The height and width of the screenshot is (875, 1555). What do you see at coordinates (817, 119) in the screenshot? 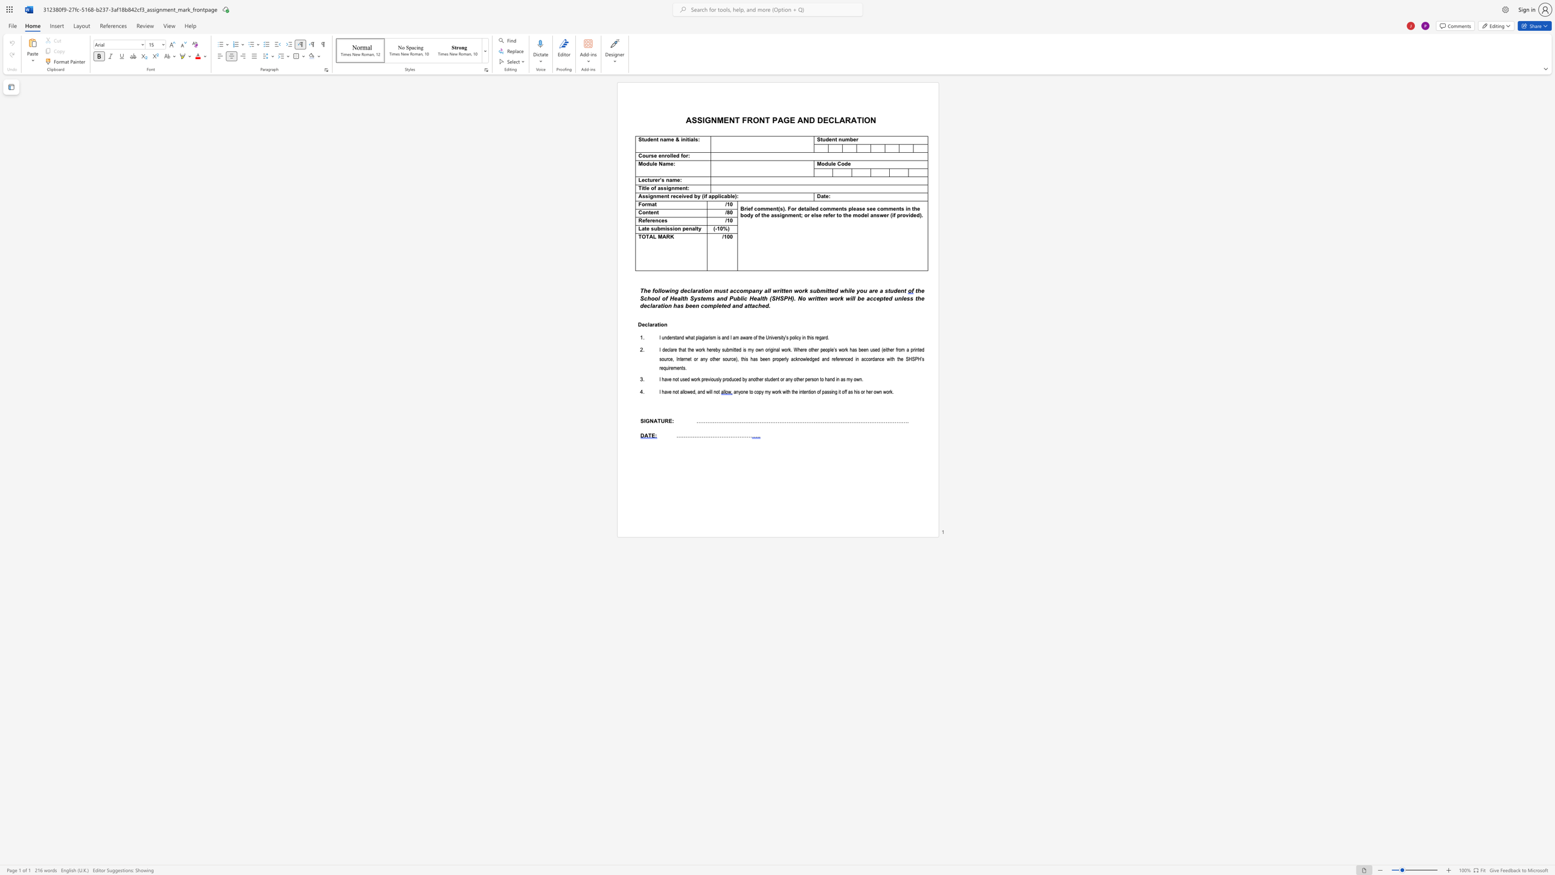
I see `the subset text "DECLARATION" within the text "AND DECLARATION"` at bounding box center [817, 119].